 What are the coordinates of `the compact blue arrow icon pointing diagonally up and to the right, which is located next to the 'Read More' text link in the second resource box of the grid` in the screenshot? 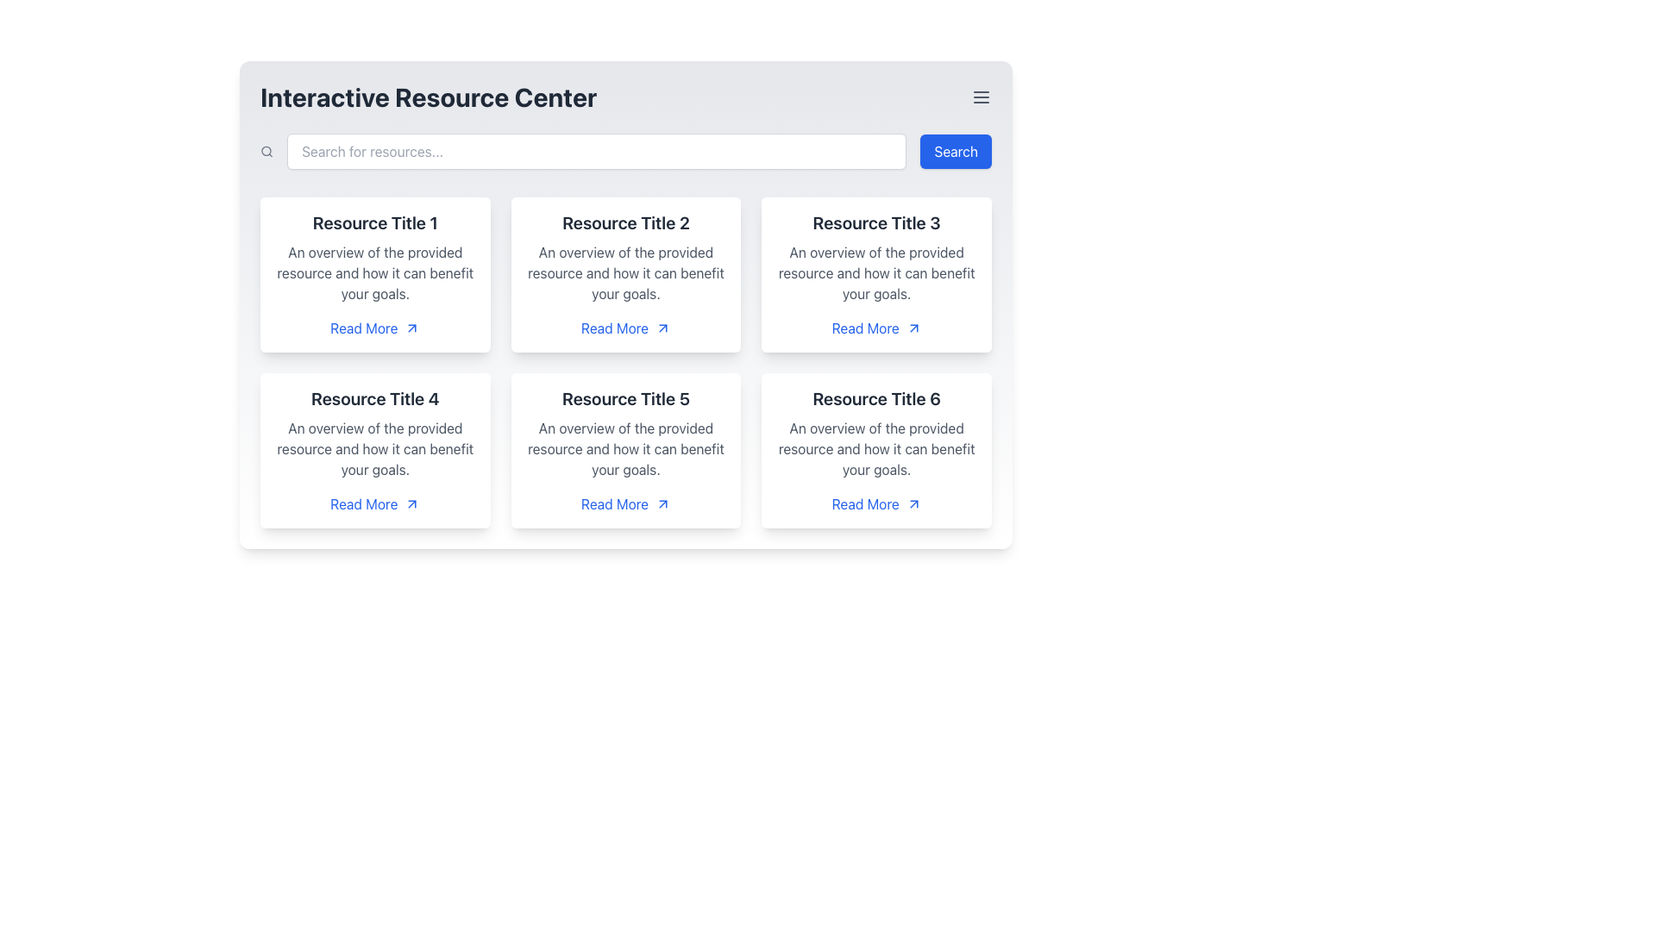 It's located at (662, 328).